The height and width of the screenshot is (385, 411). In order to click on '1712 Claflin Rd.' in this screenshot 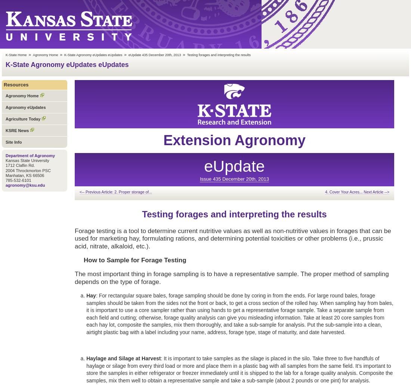, I will do `click(20, 165)`.